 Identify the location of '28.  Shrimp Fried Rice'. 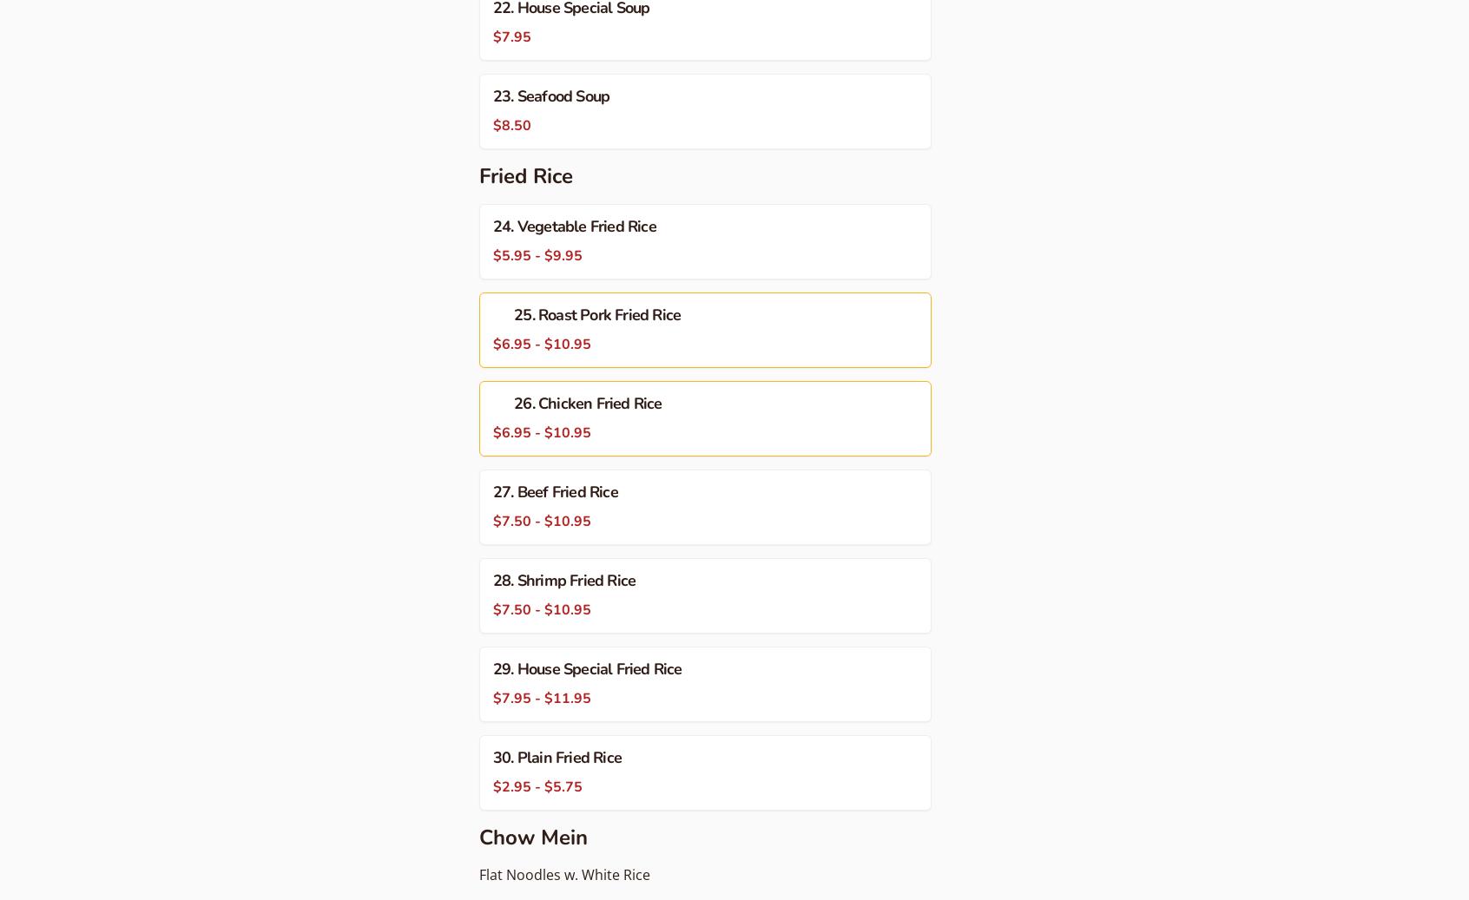
(564, 580).